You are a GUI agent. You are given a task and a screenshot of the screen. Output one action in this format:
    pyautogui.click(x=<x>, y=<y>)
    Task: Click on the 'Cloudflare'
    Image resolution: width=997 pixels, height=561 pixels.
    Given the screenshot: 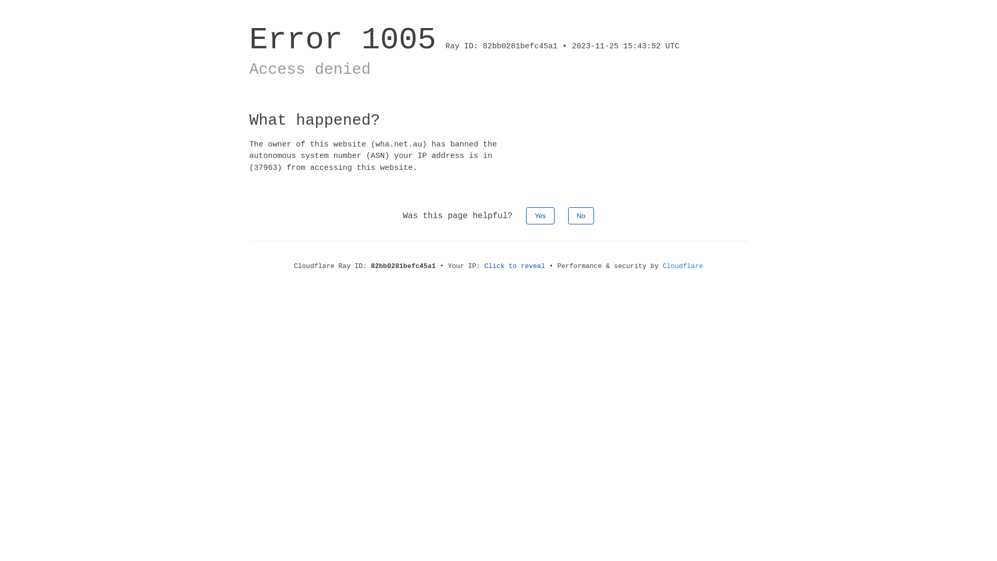 What is the action you would take?
    pyautogui.click(x=683, y=265)
    